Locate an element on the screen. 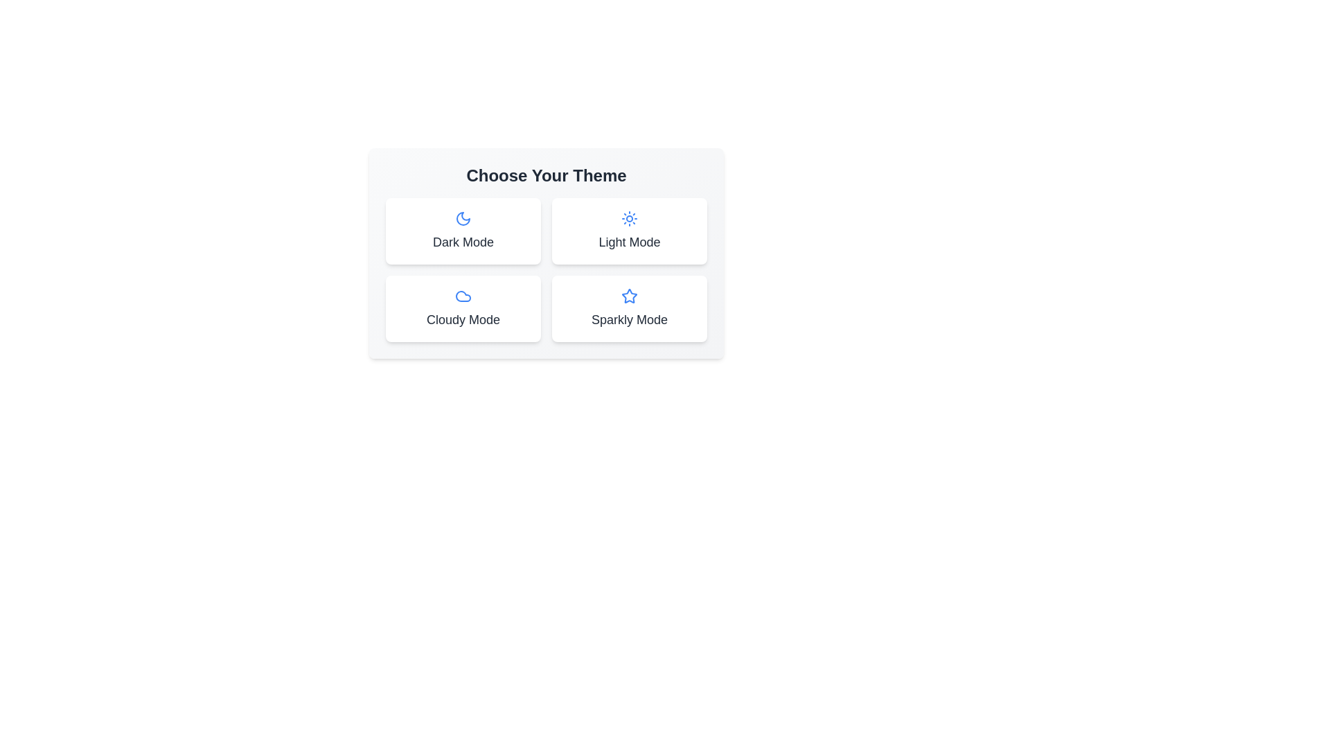 The height and width of the screenshot is (748, 1330). the content of the label that identifies the 'Light Mode' option, located within the second card of the top row in the theme options grid is located at coordinates (628, 242).